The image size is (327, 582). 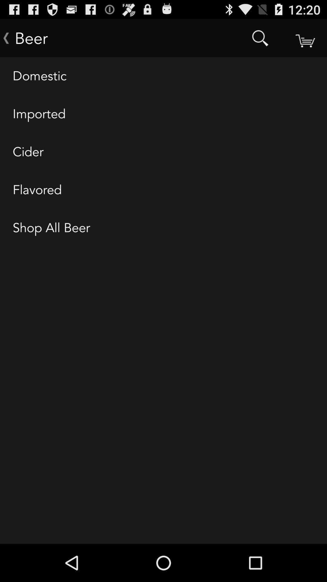 I want to click on the item below the domestic item, so click(x=163, y=114).